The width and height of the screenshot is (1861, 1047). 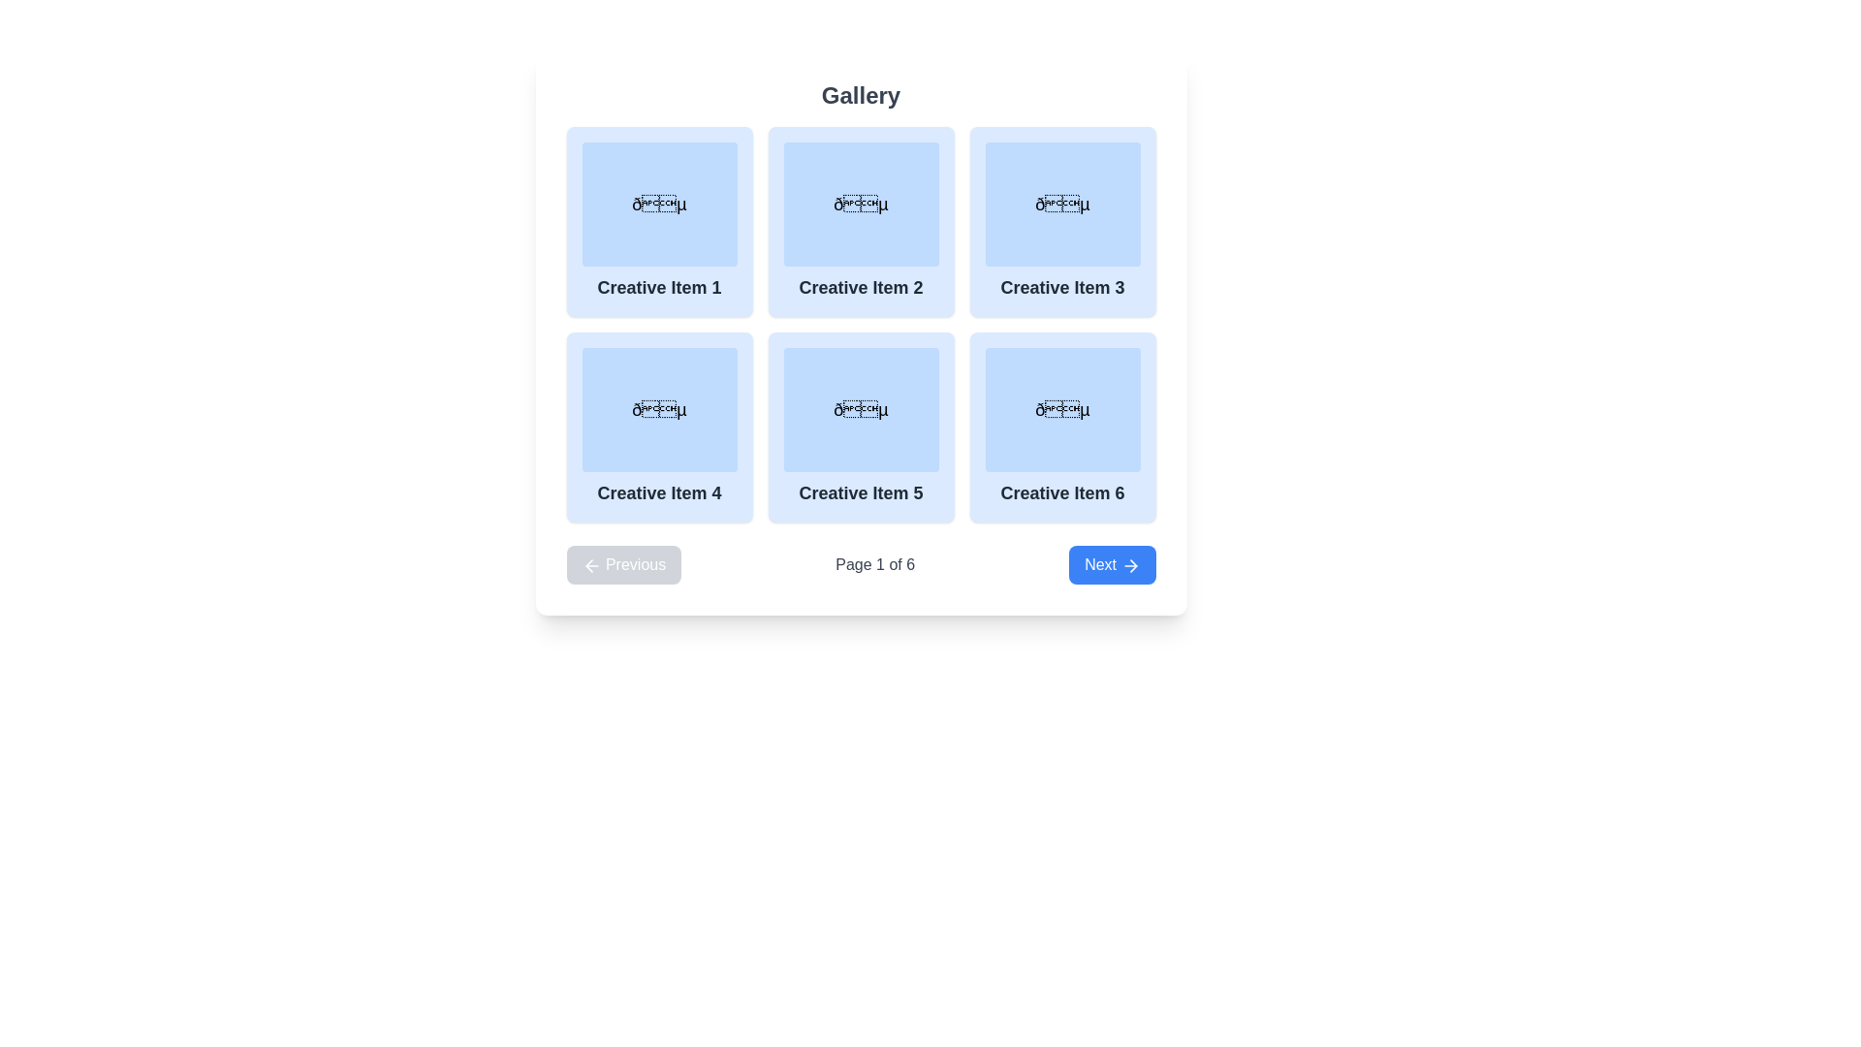 What do you see at coordinates (659, 220) in the screenshot?
I see `the first card in the upper left corner of the grid representing 'Creative Item 1'` at bounding box center [659, 220].